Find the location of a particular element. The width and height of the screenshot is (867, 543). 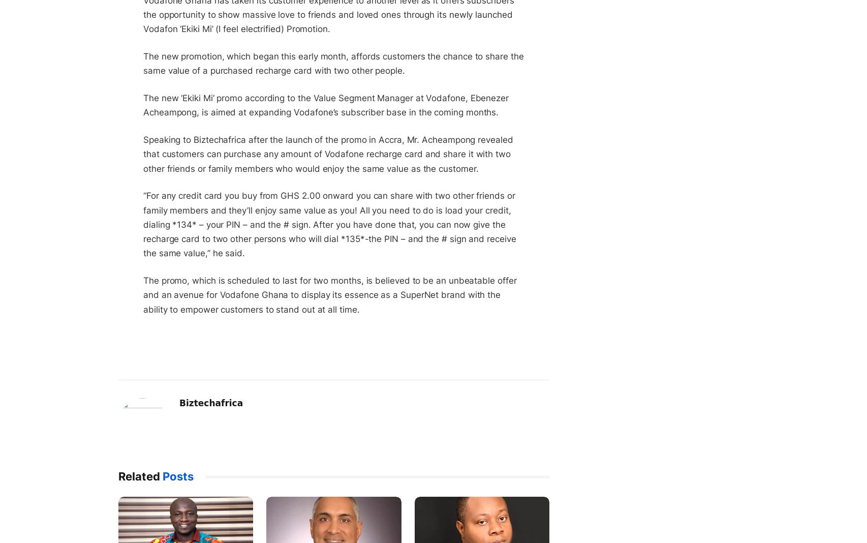

'BitAlpha AI' is located at coordinates (550, 182).